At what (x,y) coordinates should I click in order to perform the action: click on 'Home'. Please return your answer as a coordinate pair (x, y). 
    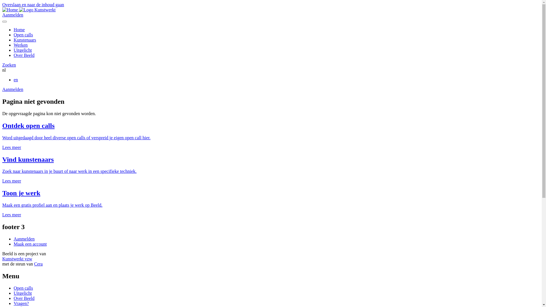
    Looking at the image, I should click on (14, 30).